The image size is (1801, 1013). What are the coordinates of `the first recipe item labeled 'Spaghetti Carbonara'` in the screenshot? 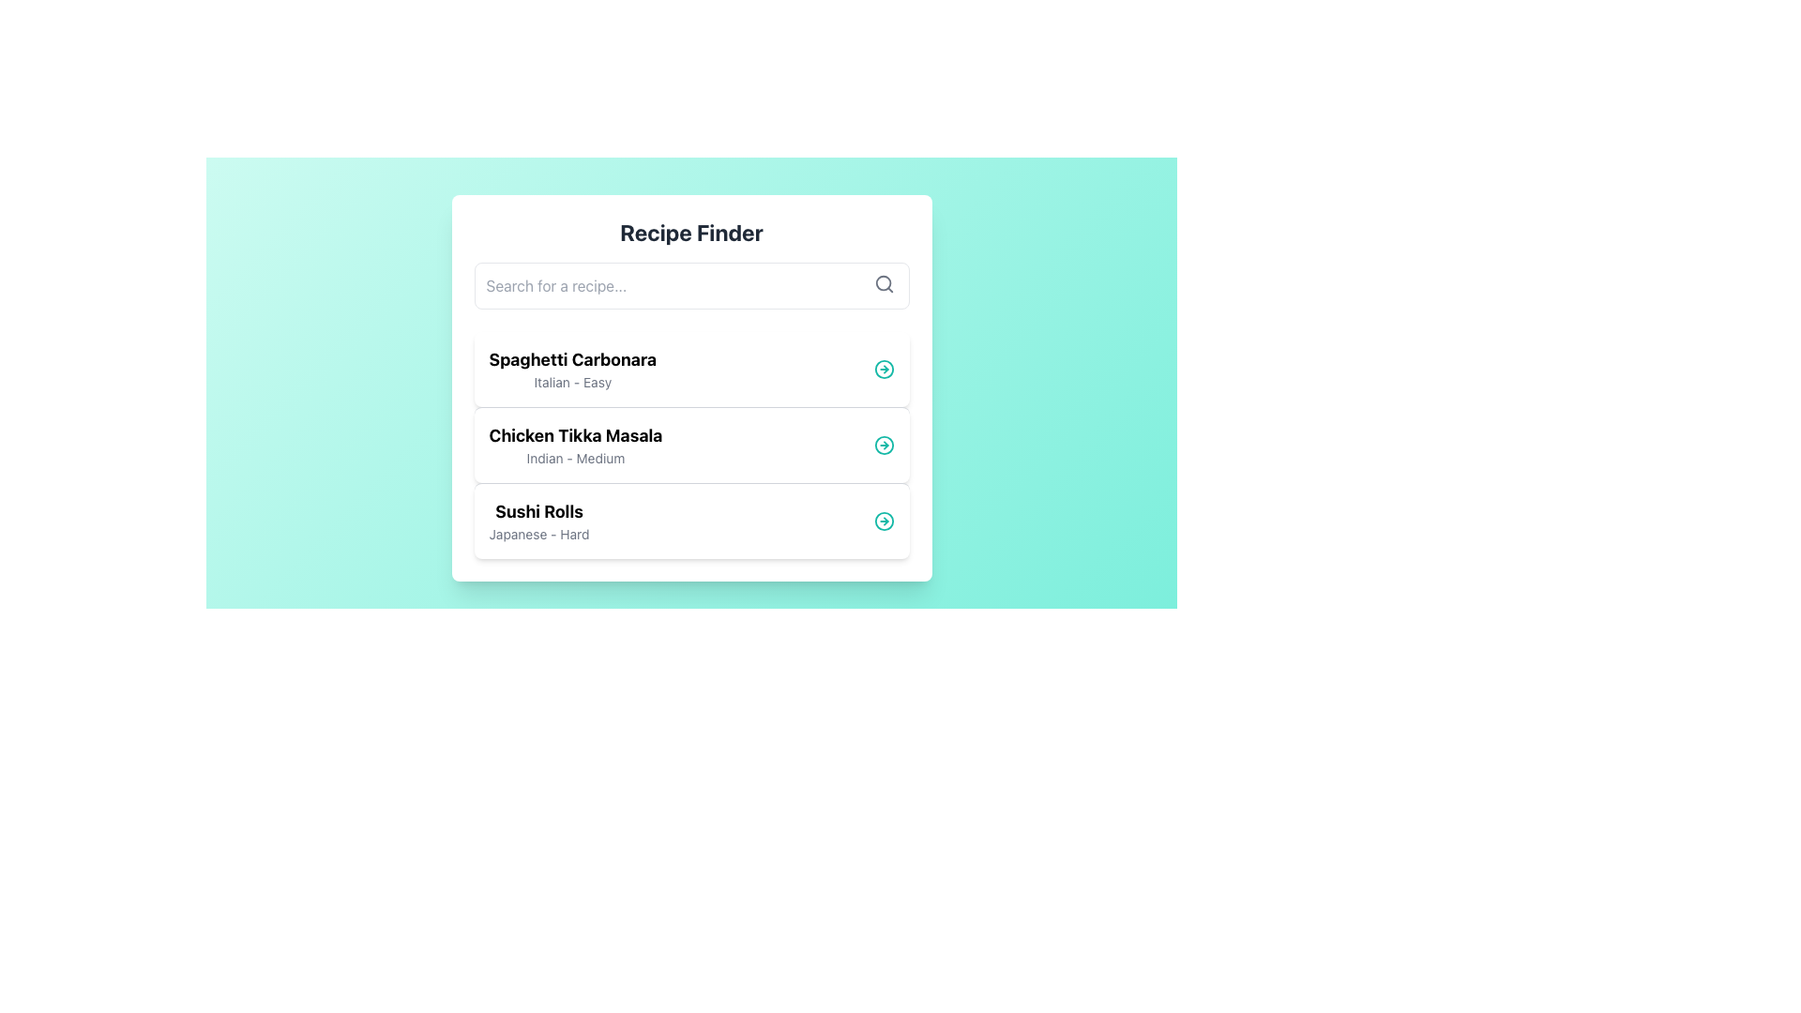 It's located at (690, 369).